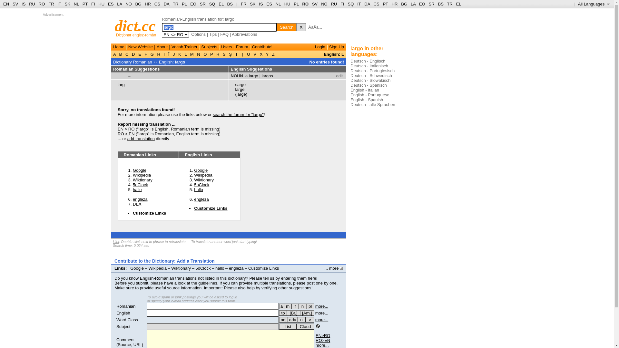  I want to click on 'larg', so click(117, 84).